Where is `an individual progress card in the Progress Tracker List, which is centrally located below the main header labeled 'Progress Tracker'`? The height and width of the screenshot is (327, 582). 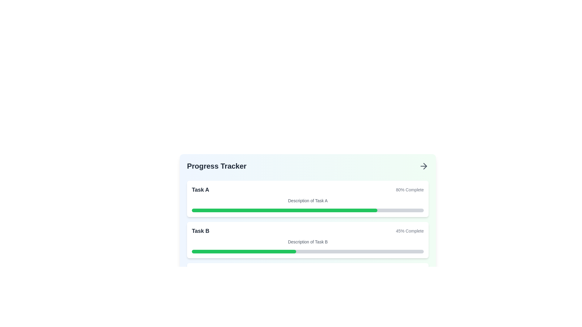
an individual progress card in the Progress Tracker List, which is centrally located below the main header labeled 'Progress Tracker' is located at coordinates (308, 240).